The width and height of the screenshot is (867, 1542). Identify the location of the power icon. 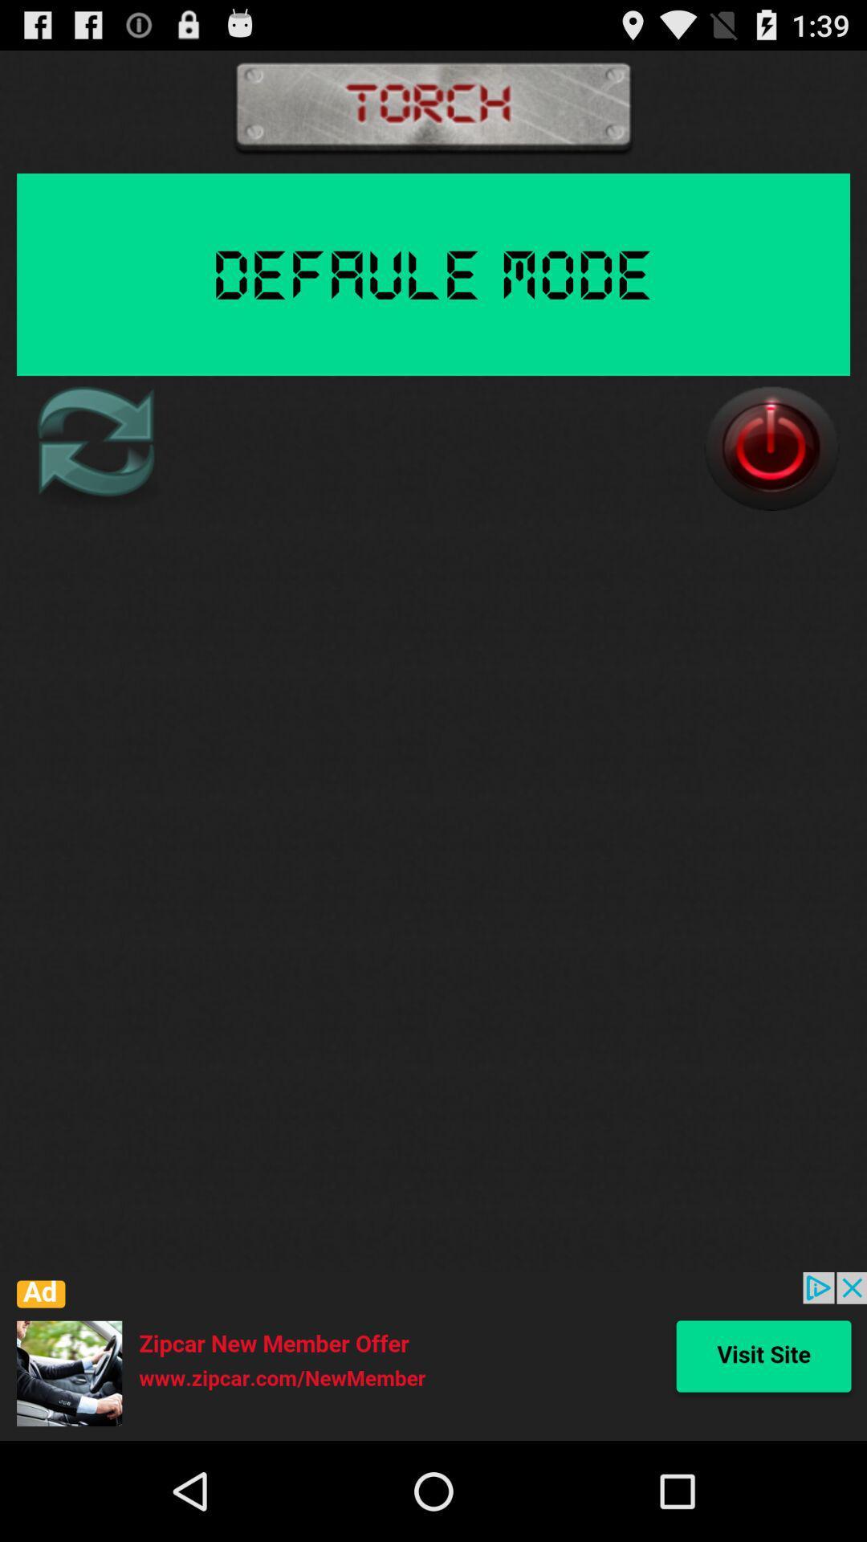
(771, 479).